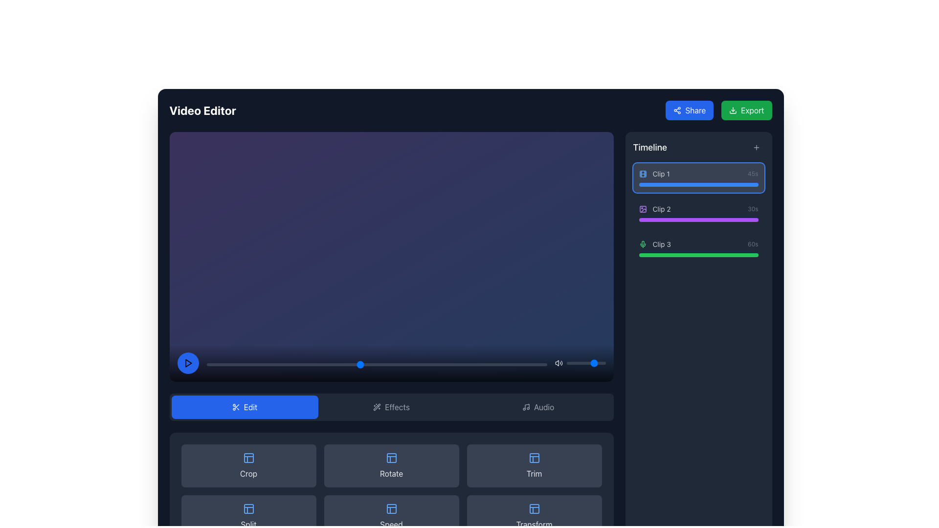  I want to click on the text label that represents the title of a video clip in the timeline, located on the right side of the interface, between a film icon and a duration label, so click(661, 173).